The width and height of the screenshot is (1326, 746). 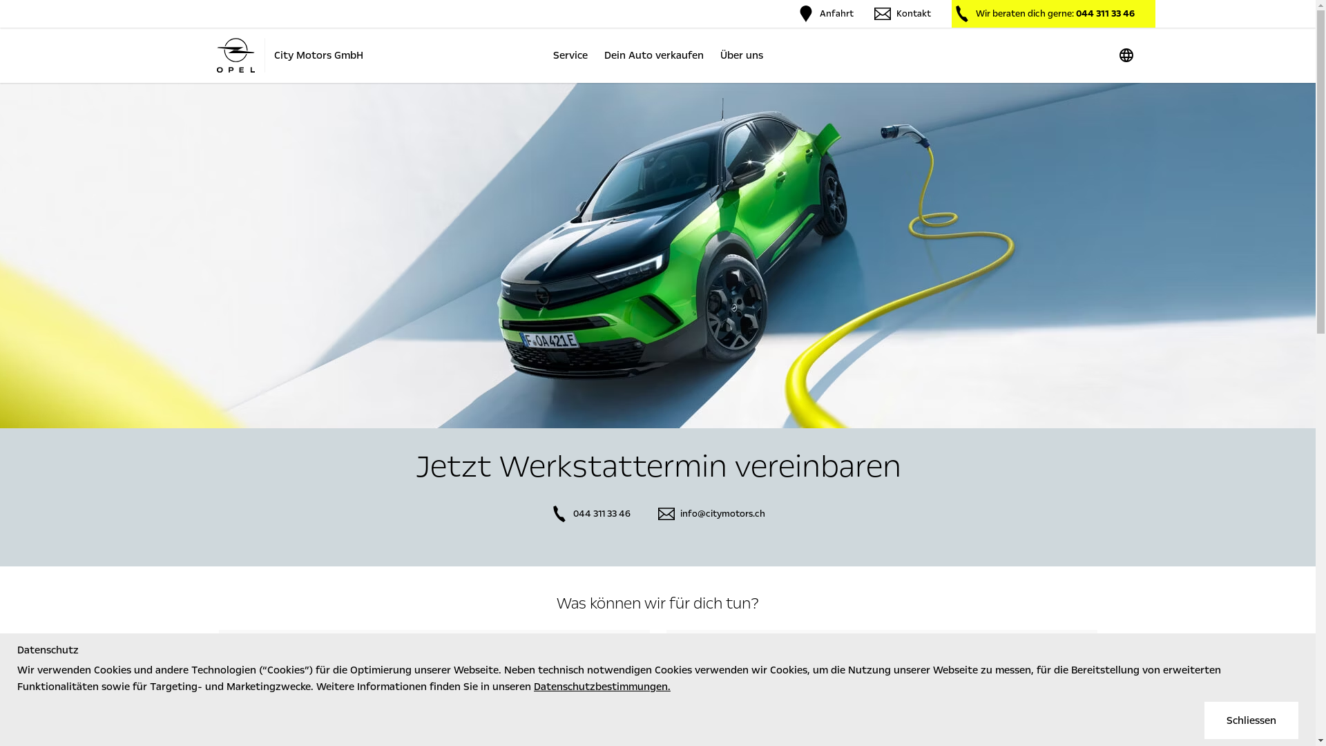 I want to click on 'Dein Auto verkaufen', so click(x=652, y=55).